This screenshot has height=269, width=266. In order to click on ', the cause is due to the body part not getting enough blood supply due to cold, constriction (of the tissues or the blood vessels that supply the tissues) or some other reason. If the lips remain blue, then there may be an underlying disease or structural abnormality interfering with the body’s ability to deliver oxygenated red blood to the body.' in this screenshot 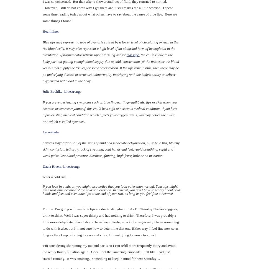, I will do `click(42, 68)`.